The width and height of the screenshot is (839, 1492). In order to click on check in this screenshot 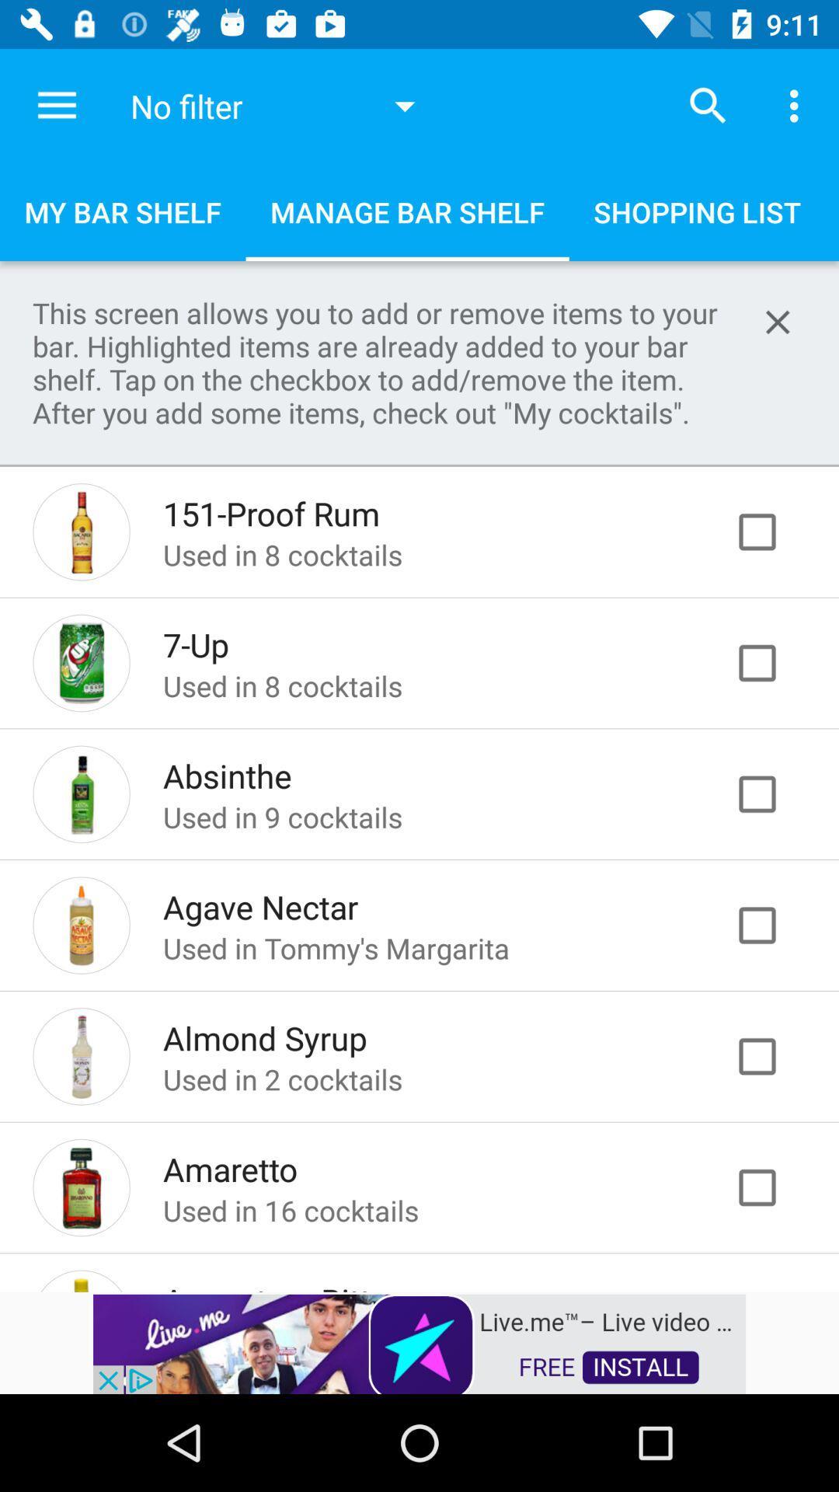, I will do `click(773, 1056)`.